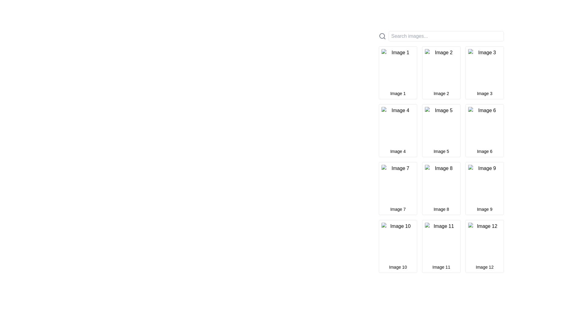  I want to click on the Search Bar input field located at the top of the content area to focus on it for typing queries, so click(441, 36).